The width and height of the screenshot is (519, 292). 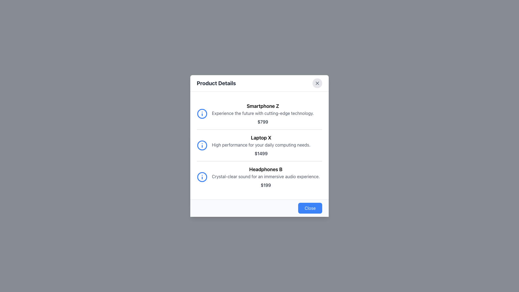 I want to click on the text block containing the title 'Laptop X', description 'High performance for your daily computing needs.', and price '$1499' which is the second item in a vertically aligned list of products, so click(x=261, y=145).